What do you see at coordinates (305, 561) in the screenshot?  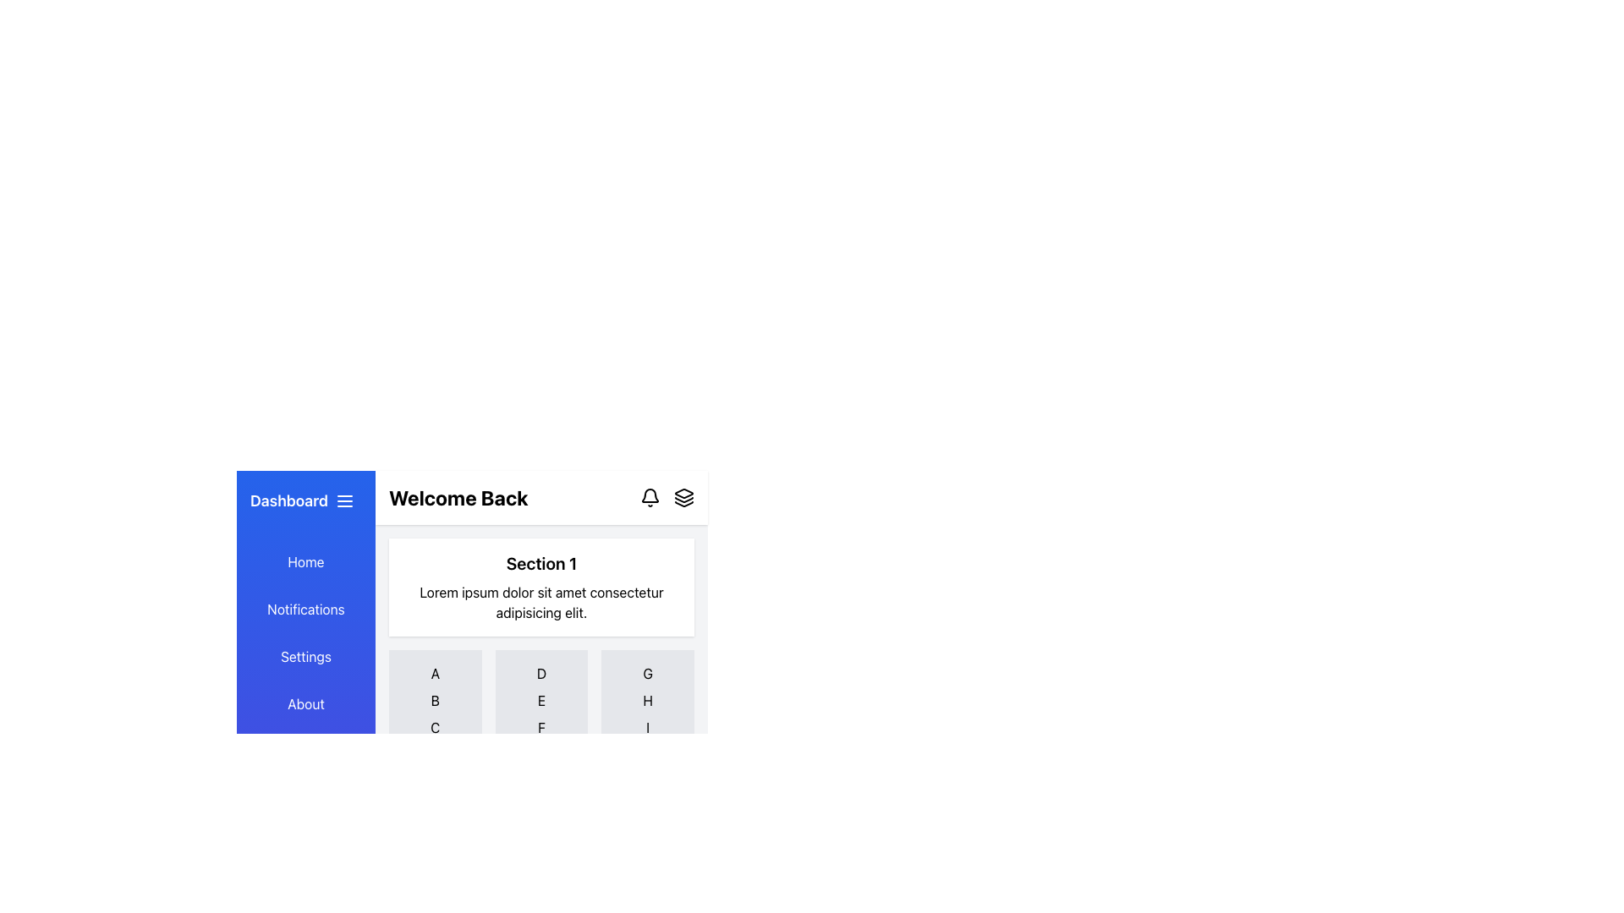 I see `the 'Home' text label in the vertical navigation menu` at bounding box center [305, 561].